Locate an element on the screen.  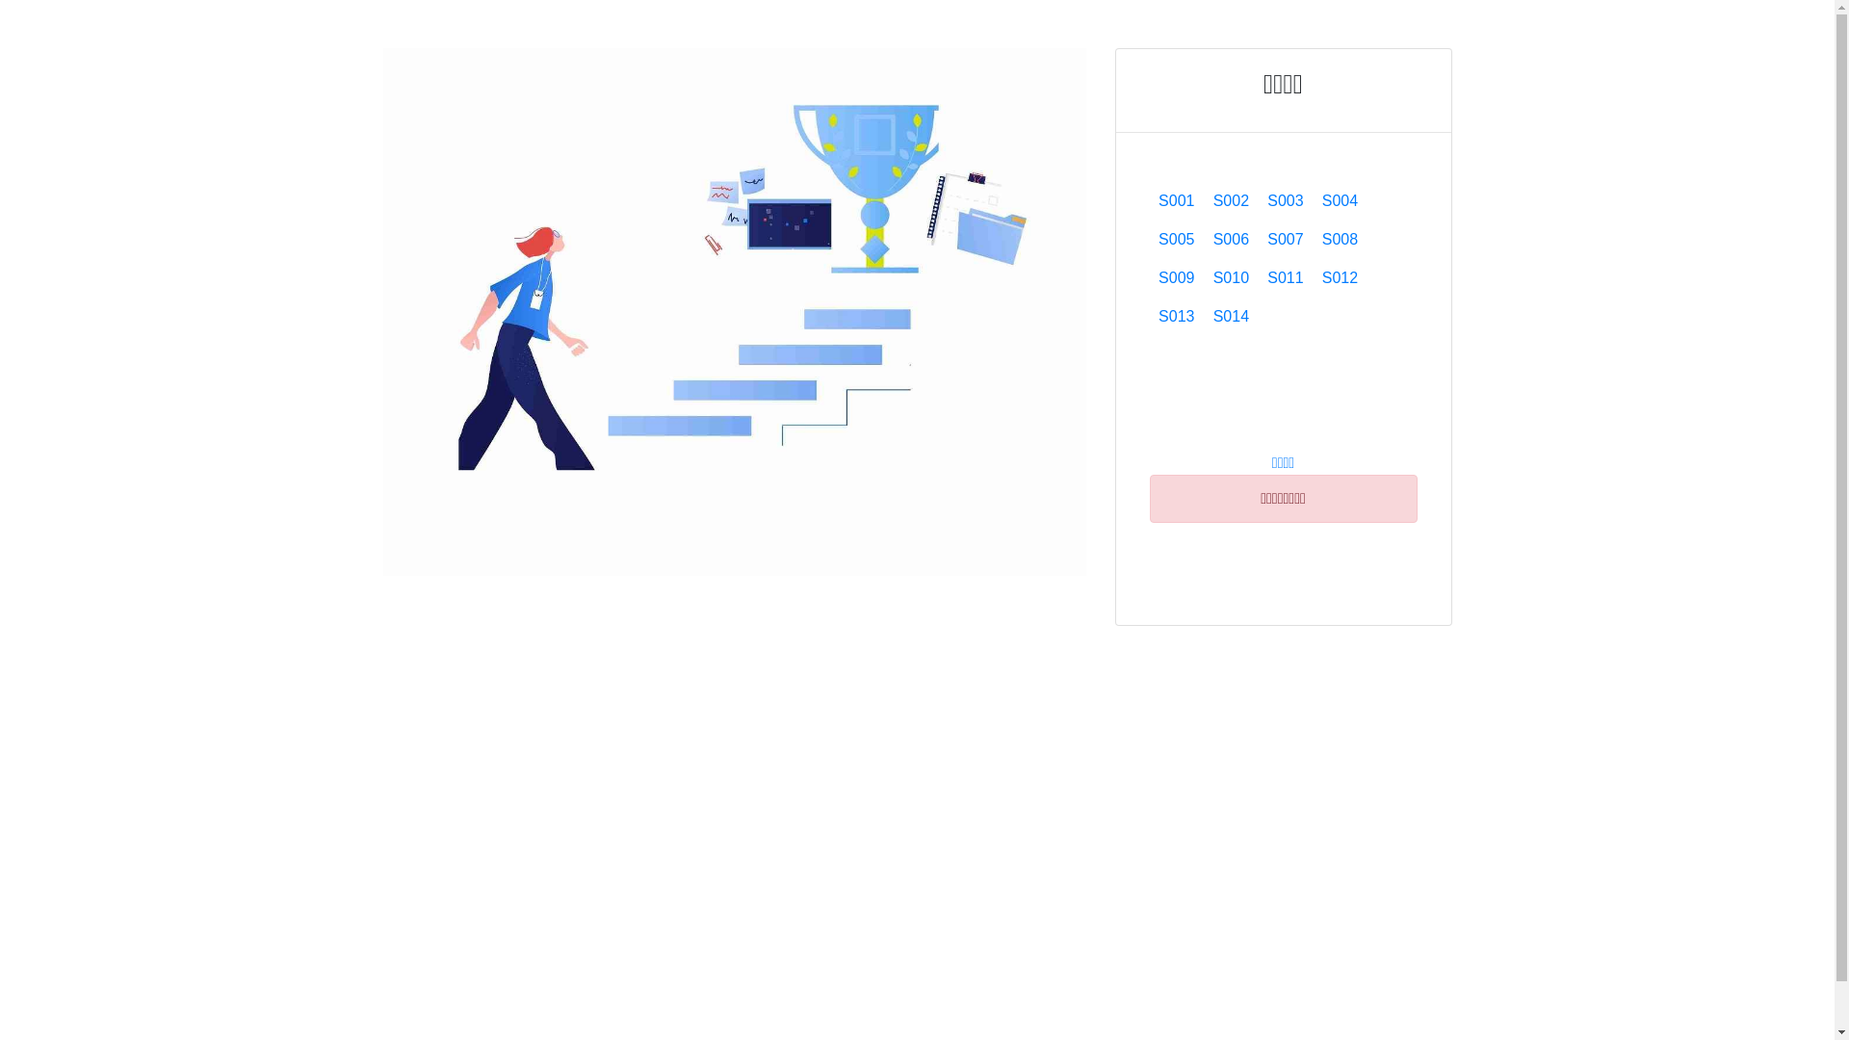
'S011' is located at coordinates (1286, 278).